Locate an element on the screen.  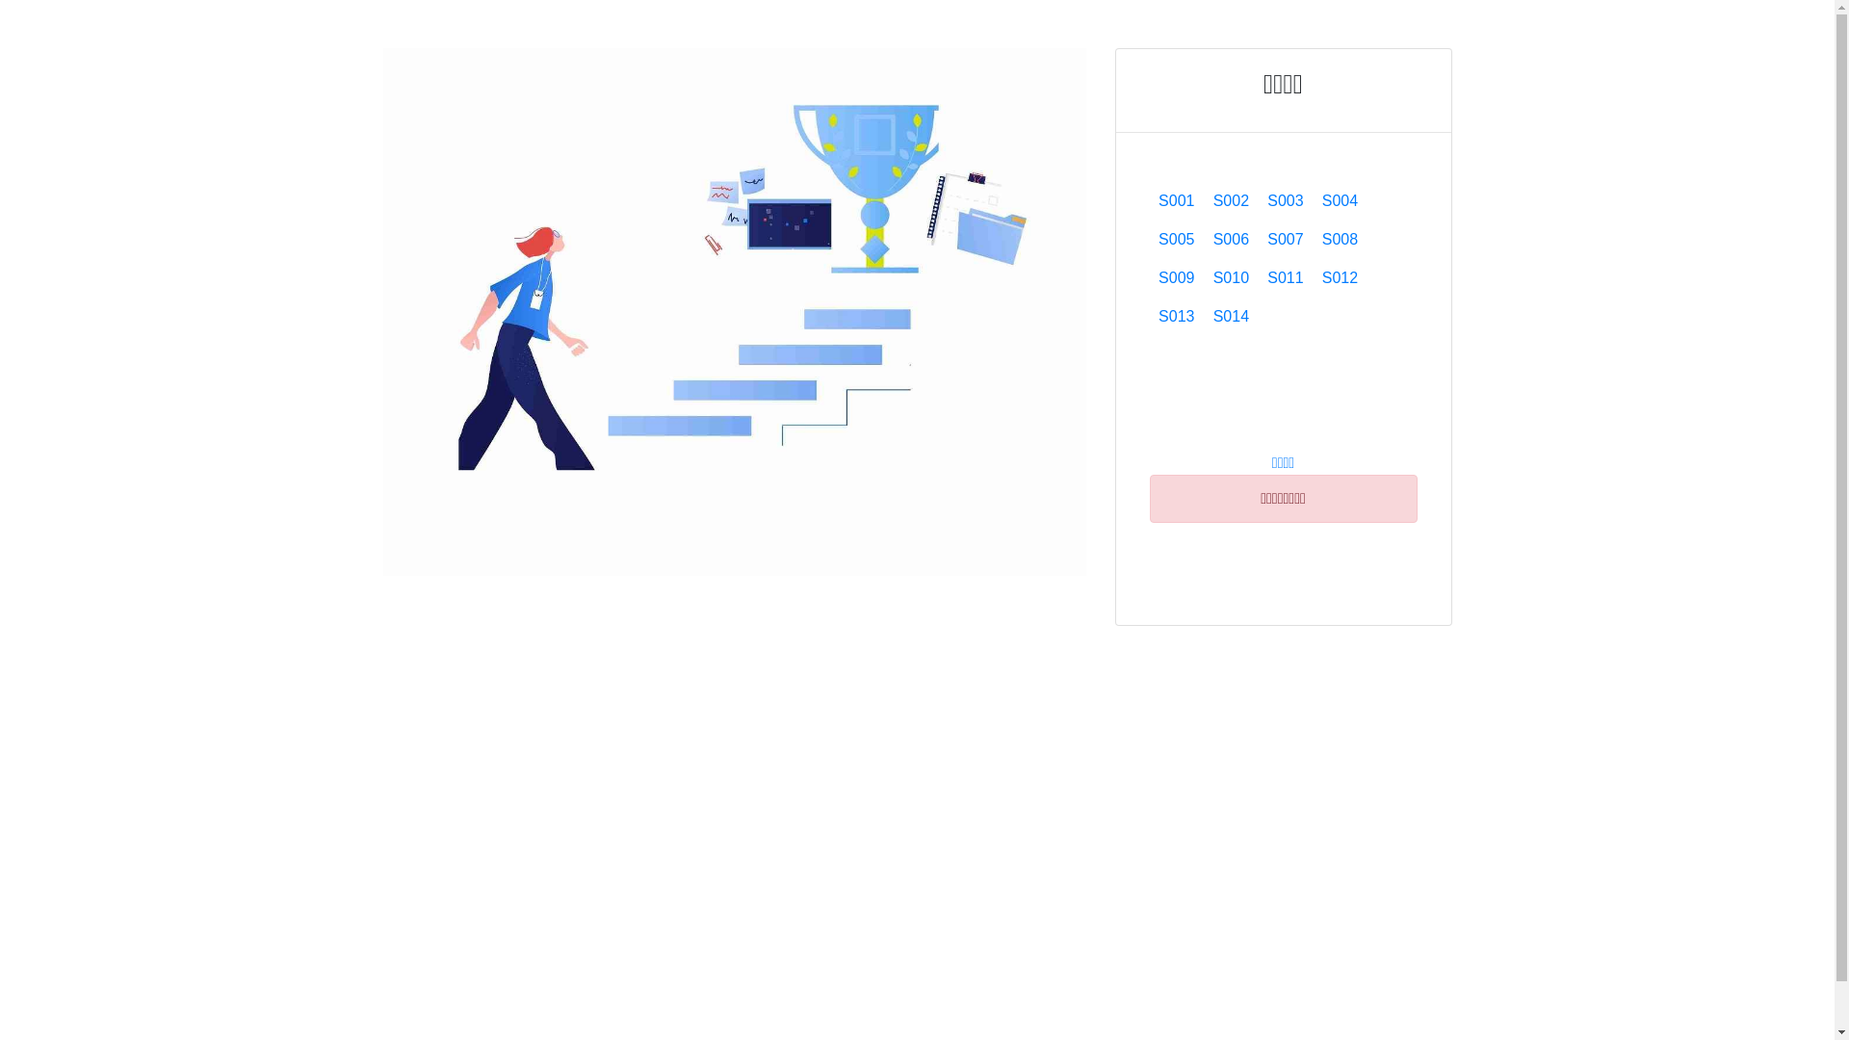
'S011' is located at coordinates (1286, 278).